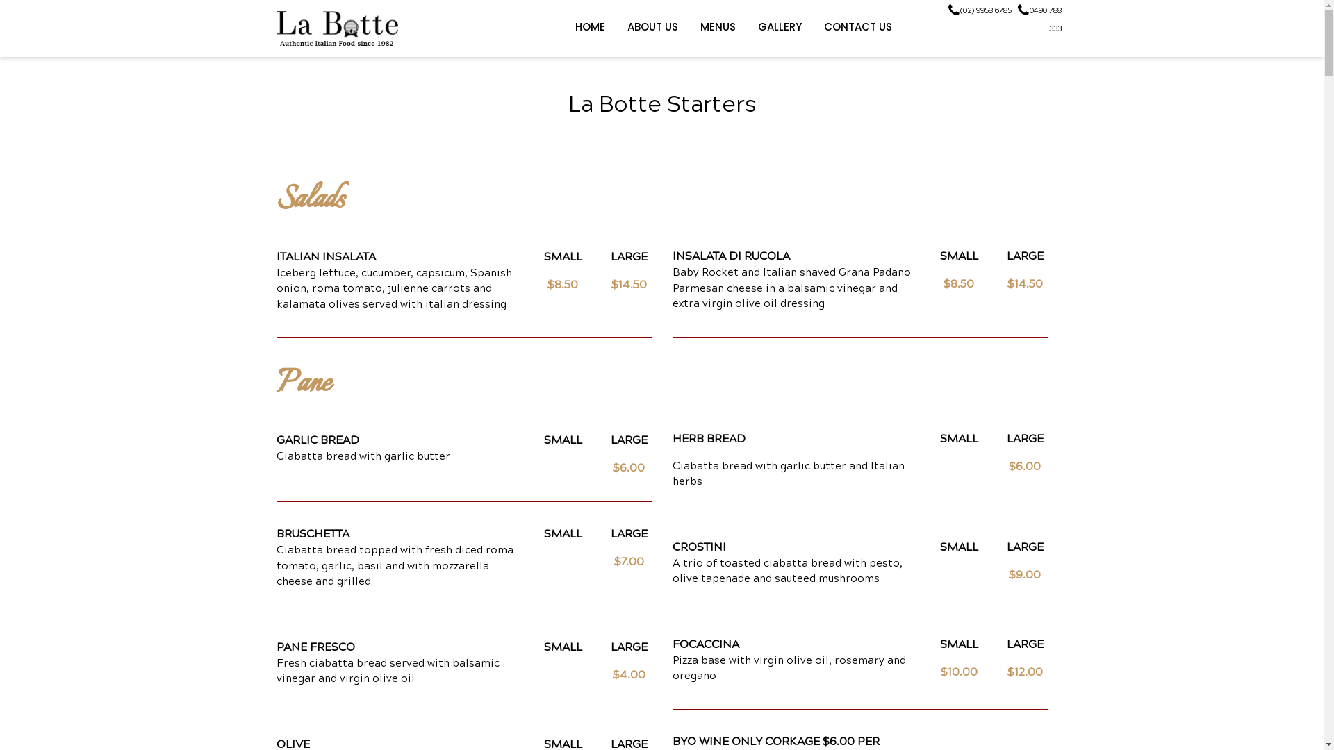 This screenshot has height=750, width=1334. Describe the element at coordinates (651, 26) in the screenshot. I see `'ABOUT US'` at that location.